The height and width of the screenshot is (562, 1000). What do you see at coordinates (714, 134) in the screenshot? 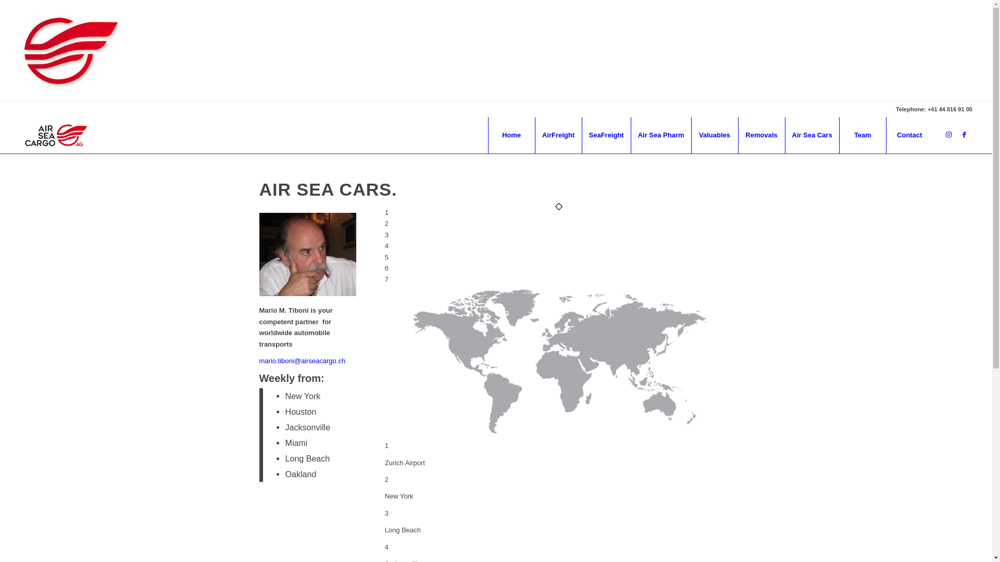
I see `'Valuables'` at bounding box center [714, 134].